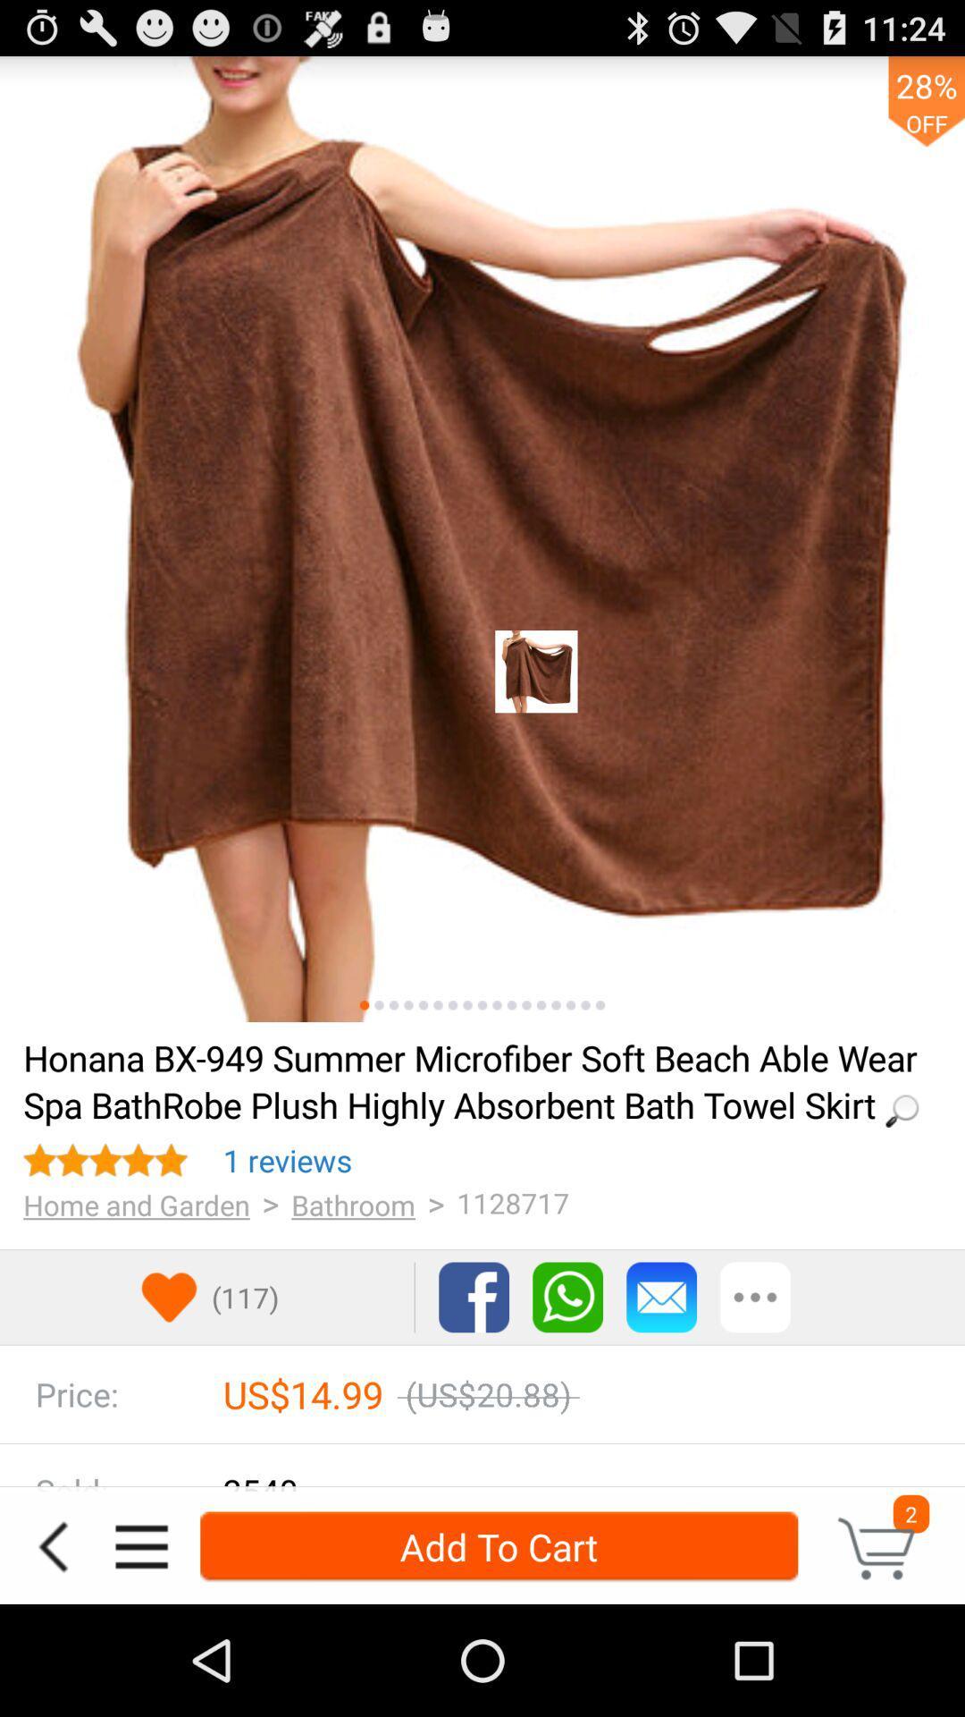 This screenshot has width=965, height=1717. I want to click on slideshow, so click(555, 1005).